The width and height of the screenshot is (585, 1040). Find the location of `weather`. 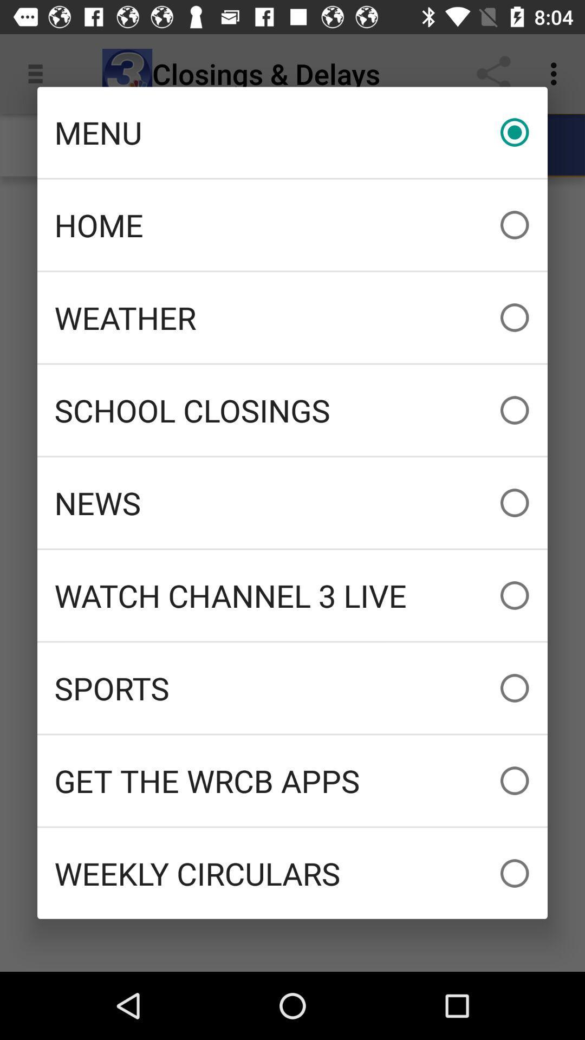

weather is located at coordinates (292, 317).